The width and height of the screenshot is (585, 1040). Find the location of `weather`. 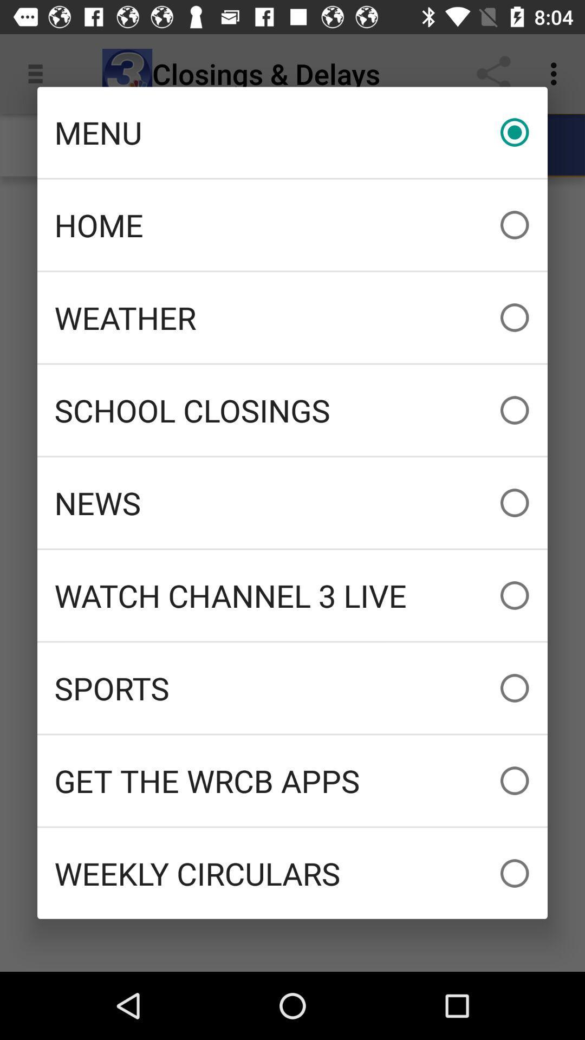

weather is located at coordinates (292, 317).